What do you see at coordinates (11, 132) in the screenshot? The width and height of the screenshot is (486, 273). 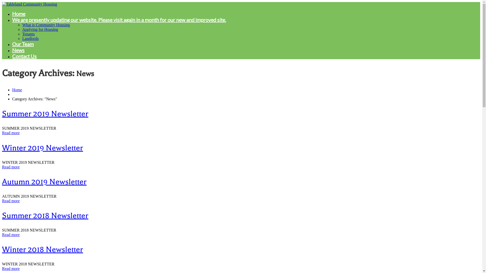 I see `'Read more'` at bounding box center [11, 132].